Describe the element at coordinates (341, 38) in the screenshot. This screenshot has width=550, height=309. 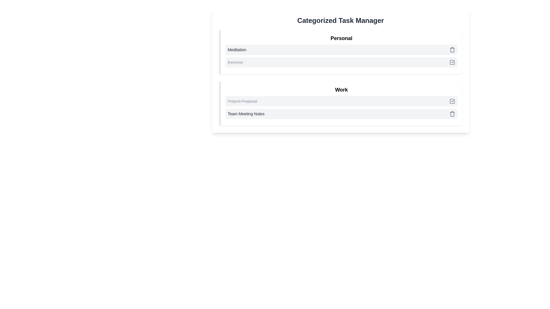
I see `the header text that categorizes related items, positioned above 'Meditation' and 'Exercise'` at that location.